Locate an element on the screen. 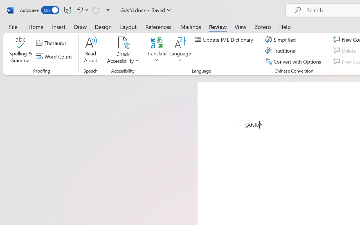 The image size is (360, 225). 'Word Count' is located at coordinates (55, 57).